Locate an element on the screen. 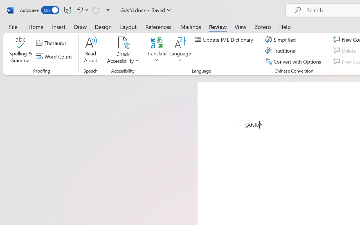 The image size is (360, 225). 'Word Count' is located at coordinates (55, 57).